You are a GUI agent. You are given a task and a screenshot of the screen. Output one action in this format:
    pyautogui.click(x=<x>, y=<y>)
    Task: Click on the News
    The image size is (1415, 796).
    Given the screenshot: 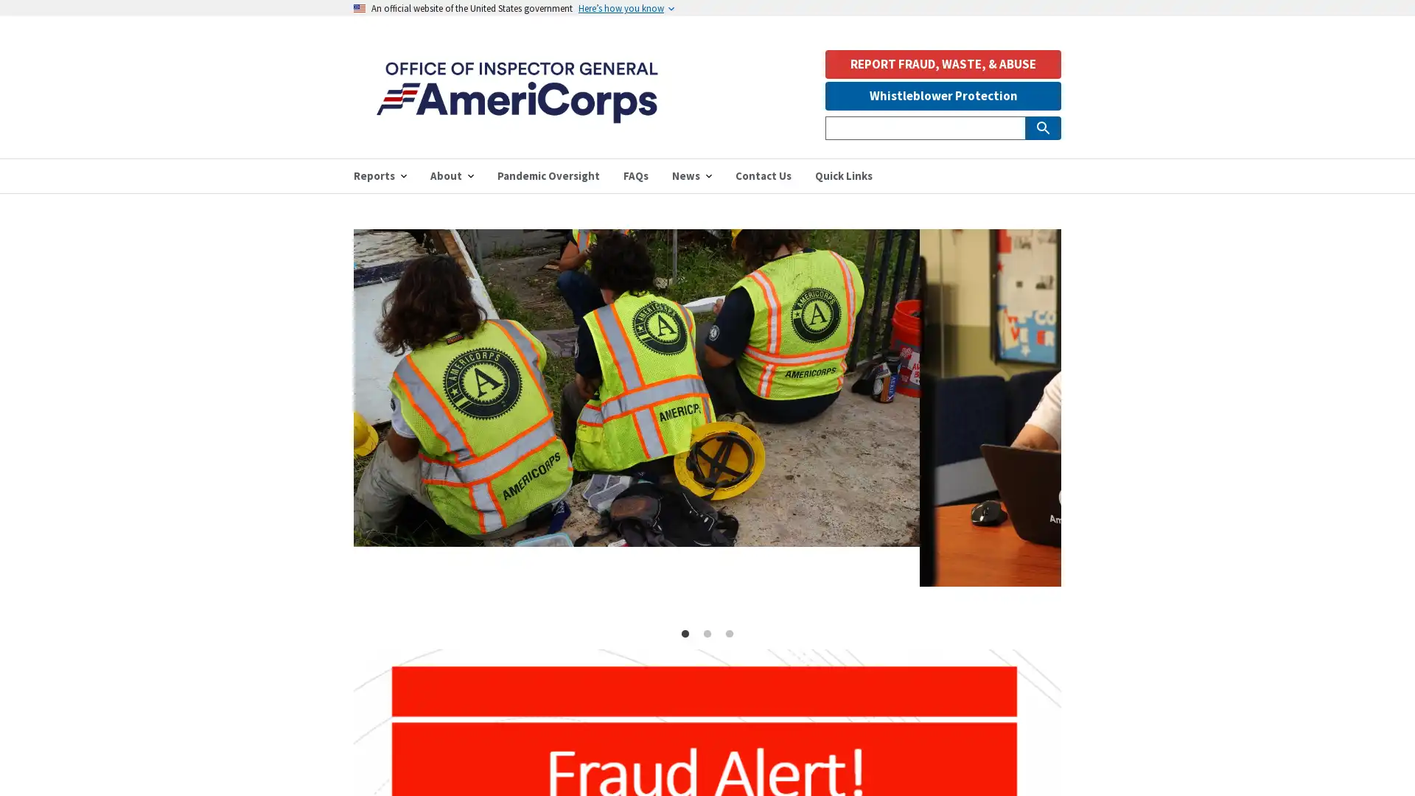 What is the action you would take?
    pyautogui.click(x=691, y=175)
    